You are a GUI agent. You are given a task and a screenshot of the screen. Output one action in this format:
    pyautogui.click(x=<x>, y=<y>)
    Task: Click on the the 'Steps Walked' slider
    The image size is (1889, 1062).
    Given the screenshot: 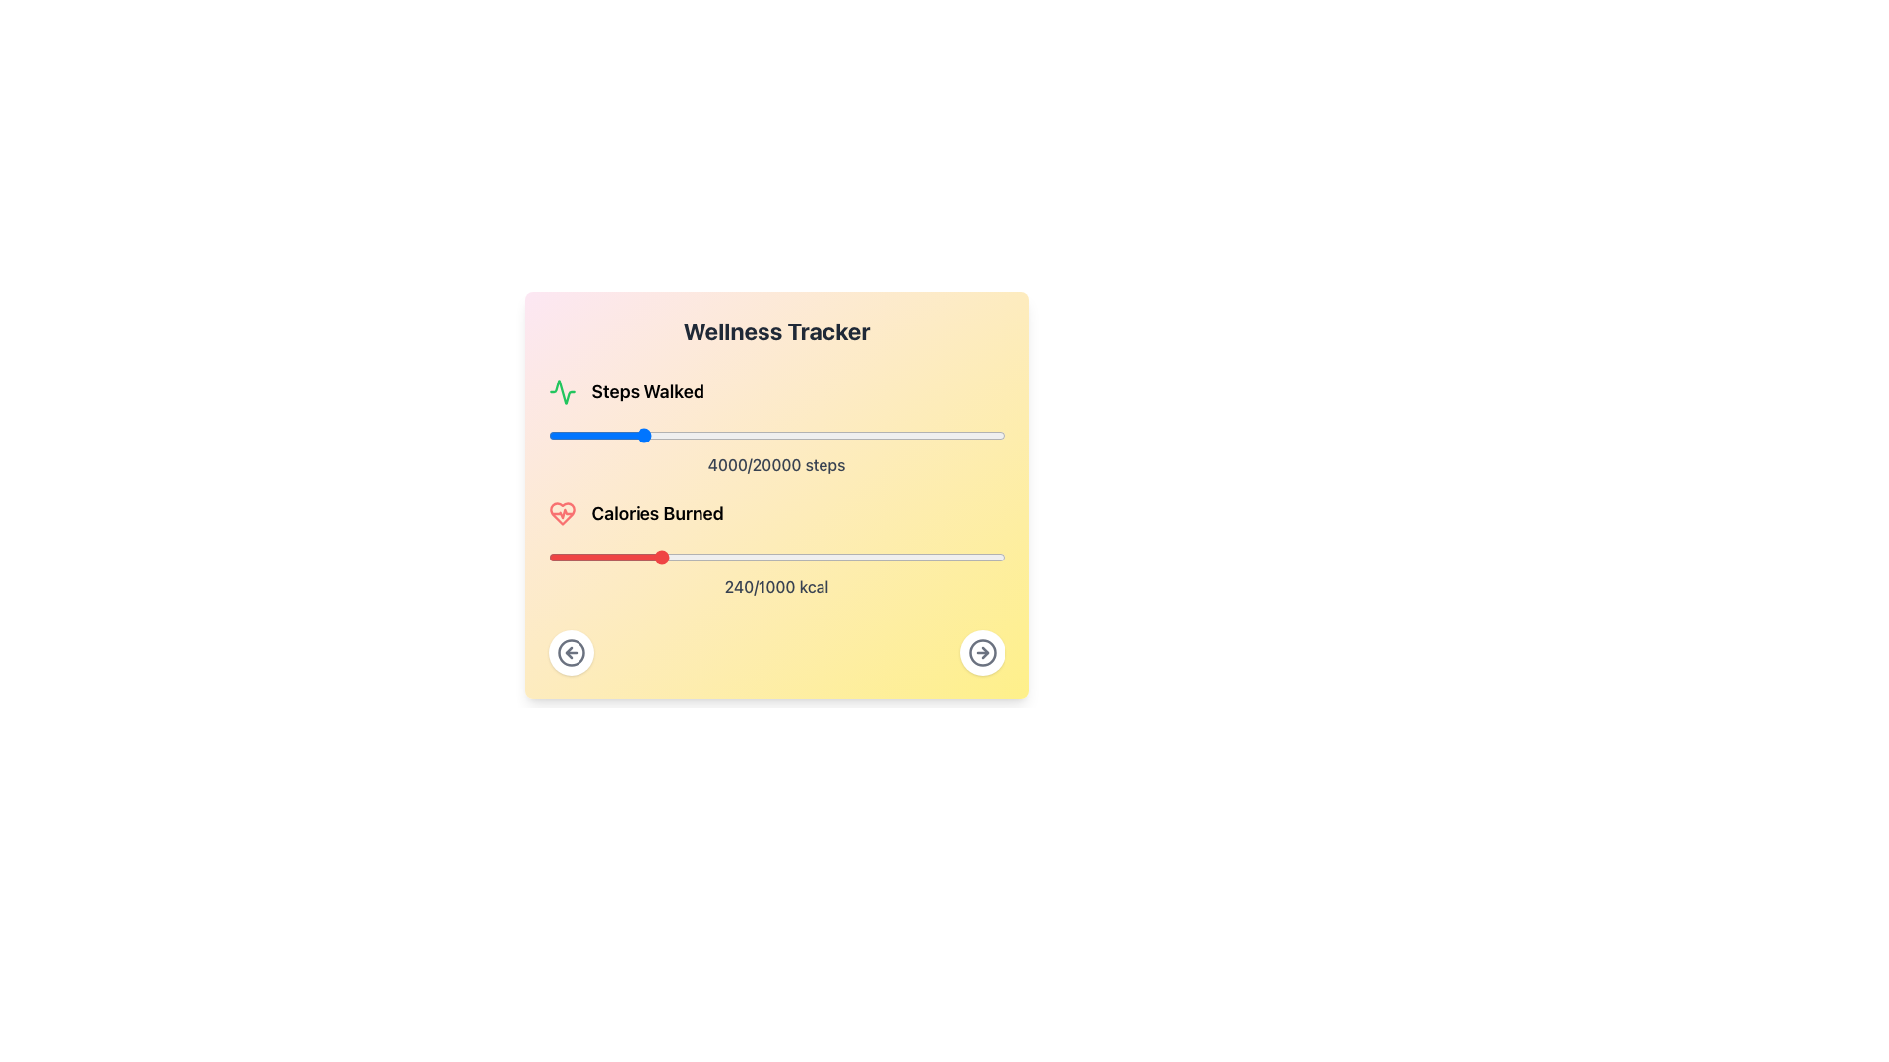 What is the action you would take?
    pyautogui.click(x=755, y=435)
    